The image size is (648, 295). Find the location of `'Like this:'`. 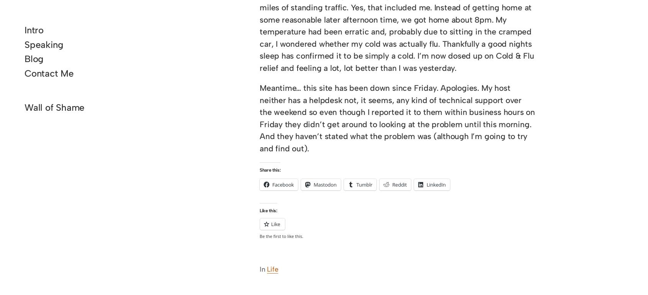

'Like this:' is located at coordinates (268, 210).